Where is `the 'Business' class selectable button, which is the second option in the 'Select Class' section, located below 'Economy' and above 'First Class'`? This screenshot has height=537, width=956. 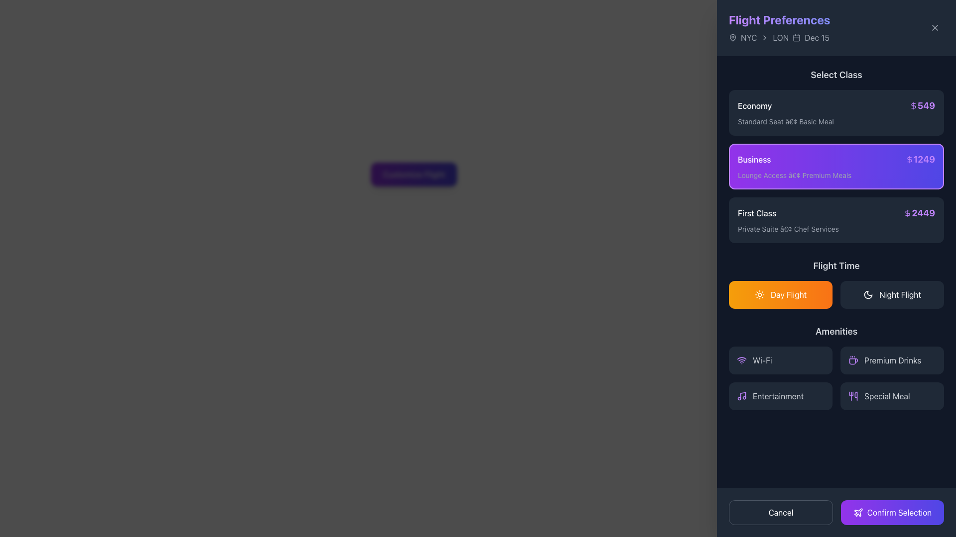 the 'Business' class selectable button, which is the second option in the 'Select Class' section, located below 'Economy' and above 'First Class' is located at coordinates (836, 155).